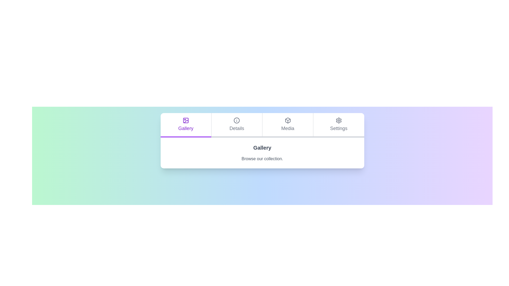  What do you see at coordinates (236, 125) in the screenshot?
I see `the Details tab by clicking on its label or icon` at bounding box center [236, 125].